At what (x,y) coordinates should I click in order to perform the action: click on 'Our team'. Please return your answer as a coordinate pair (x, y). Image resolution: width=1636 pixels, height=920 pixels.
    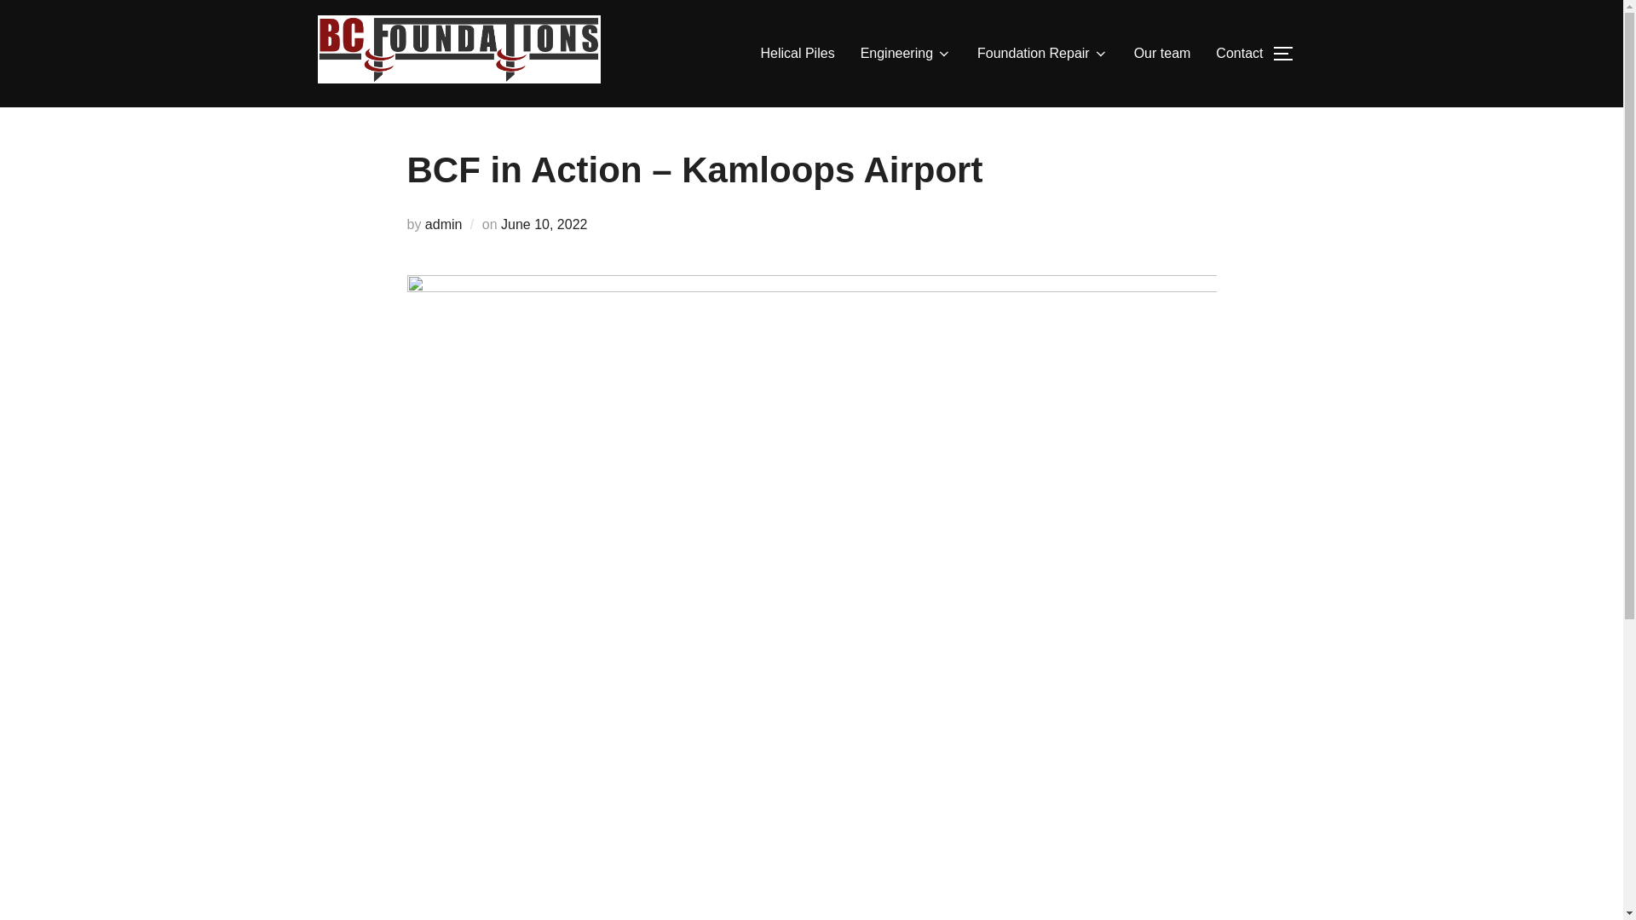
    Looking at the image, I should click on (1161, 52).